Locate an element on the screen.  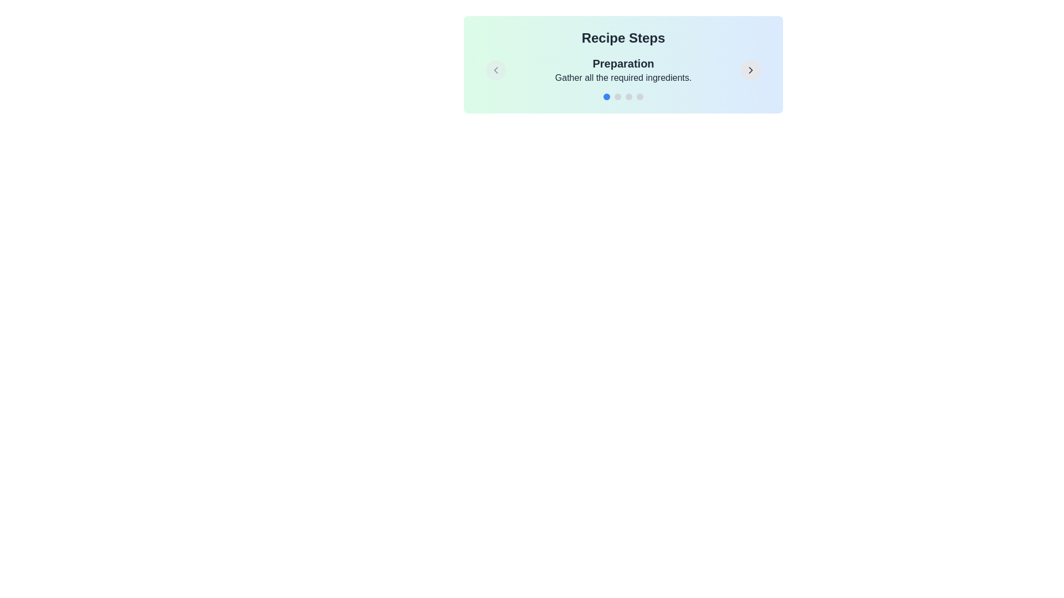
the first blue indicator dot located centrally below the 'Recipe Steps' and 'Preparation' headers, surrounded by gray dots is located at coordinates (606, 96).